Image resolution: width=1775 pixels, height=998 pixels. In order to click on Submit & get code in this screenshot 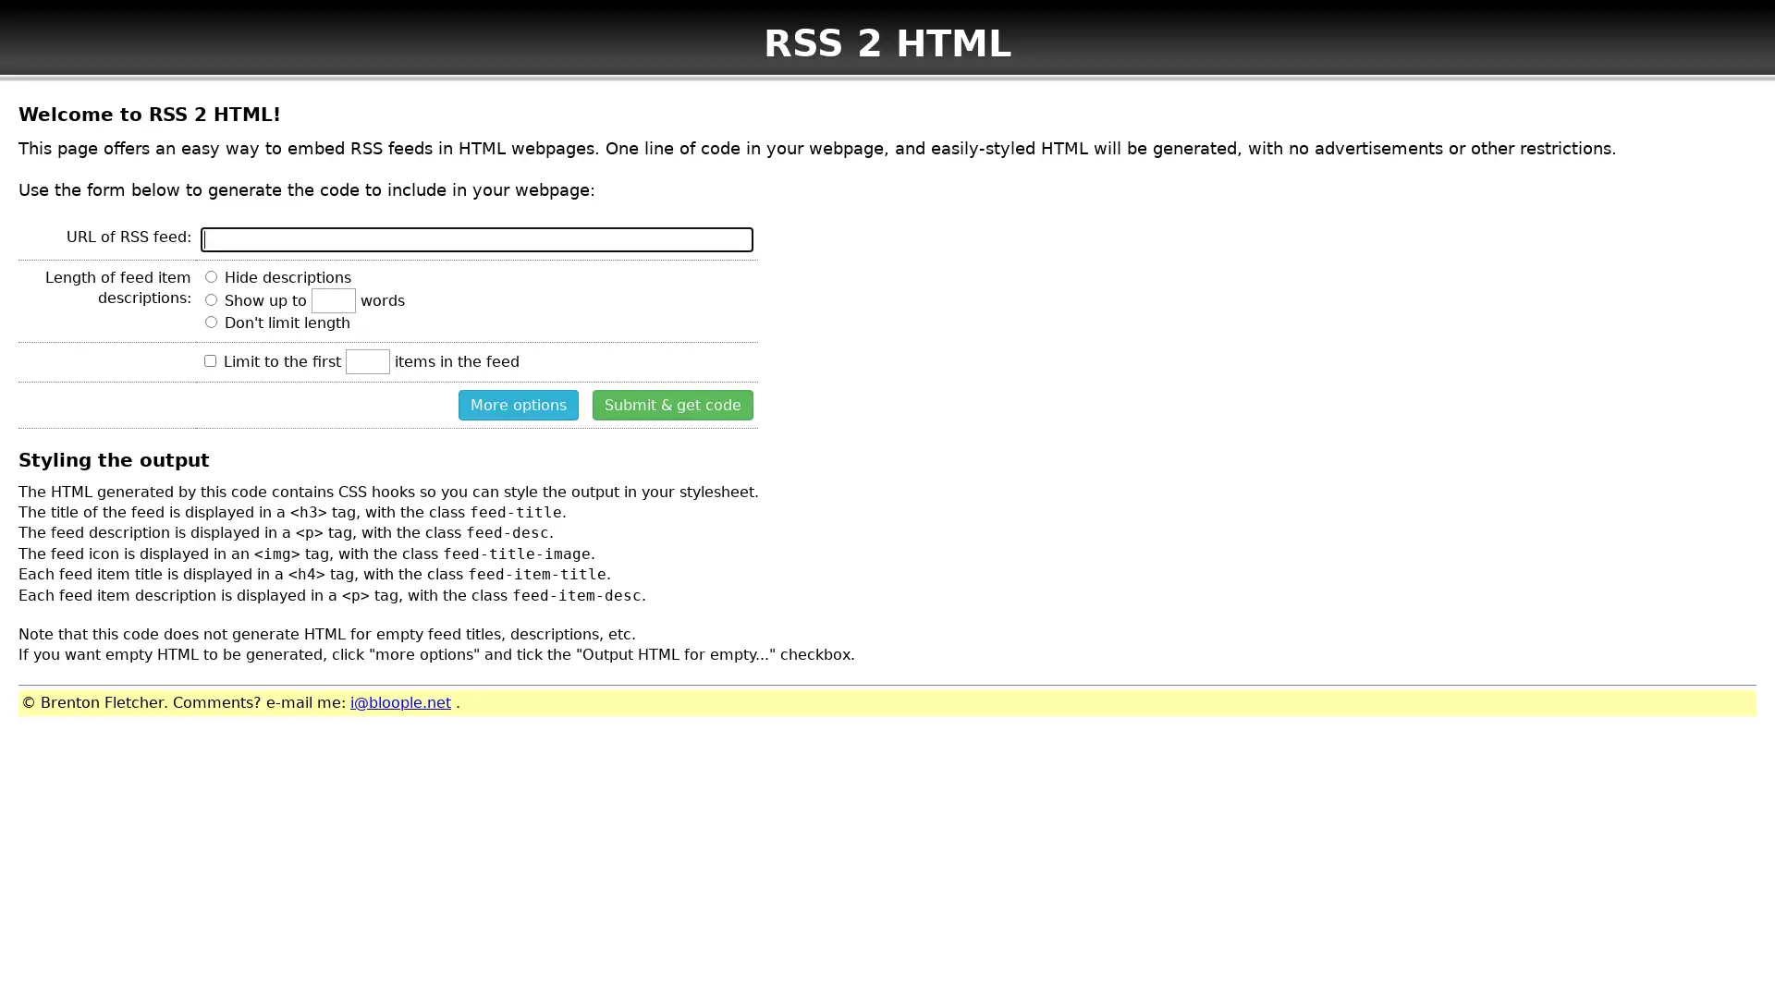, I will do `click(672, 403)`.